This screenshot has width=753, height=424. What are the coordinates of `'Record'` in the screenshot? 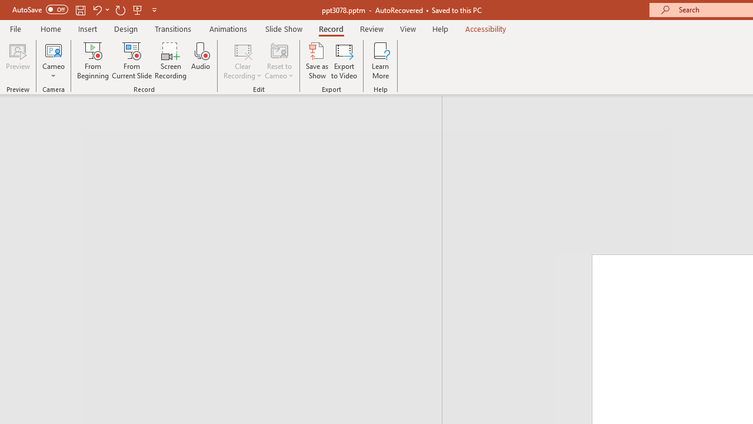 It's located at (330, 28).